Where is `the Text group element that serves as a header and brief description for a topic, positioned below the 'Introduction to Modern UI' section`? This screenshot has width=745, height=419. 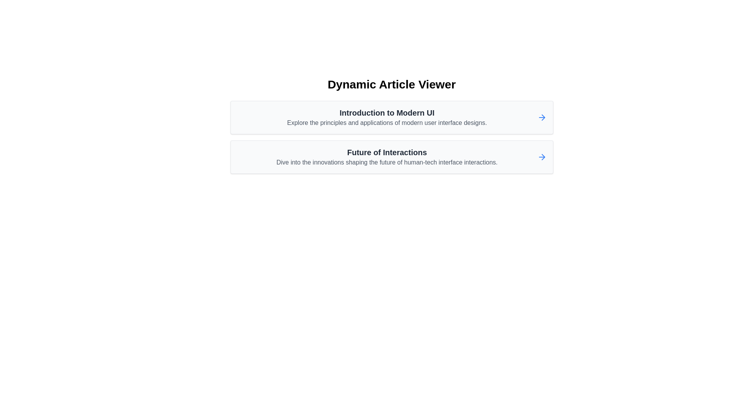 the Text group element that serves as a header and brief description for a topic, positioned below the 'Introduction to Modern UI' section is located at coordinates (387, 157).